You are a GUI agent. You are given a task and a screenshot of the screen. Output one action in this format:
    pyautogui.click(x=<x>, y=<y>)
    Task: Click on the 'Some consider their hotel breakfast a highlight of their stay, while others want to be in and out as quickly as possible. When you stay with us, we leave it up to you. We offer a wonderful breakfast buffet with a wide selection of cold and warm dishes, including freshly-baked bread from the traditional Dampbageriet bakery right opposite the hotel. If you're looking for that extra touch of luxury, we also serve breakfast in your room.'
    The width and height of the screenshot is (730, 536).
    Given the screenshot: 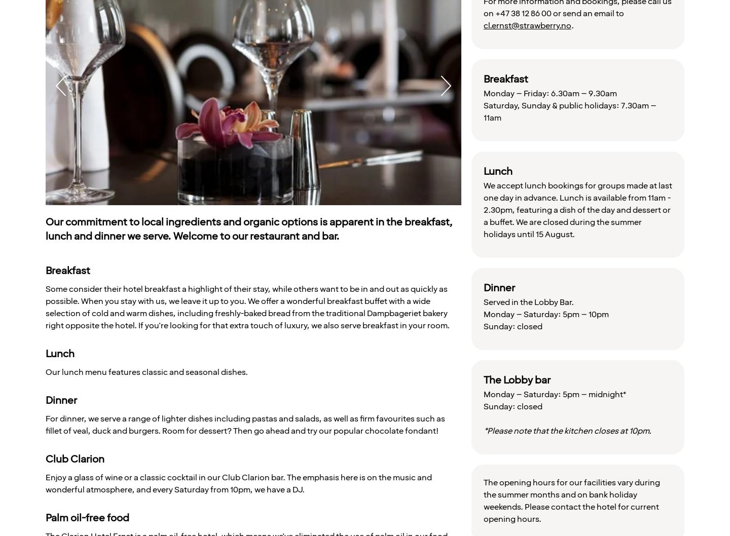 What is the action you would take?
    pyautogui.click(x=247, y=307)
    